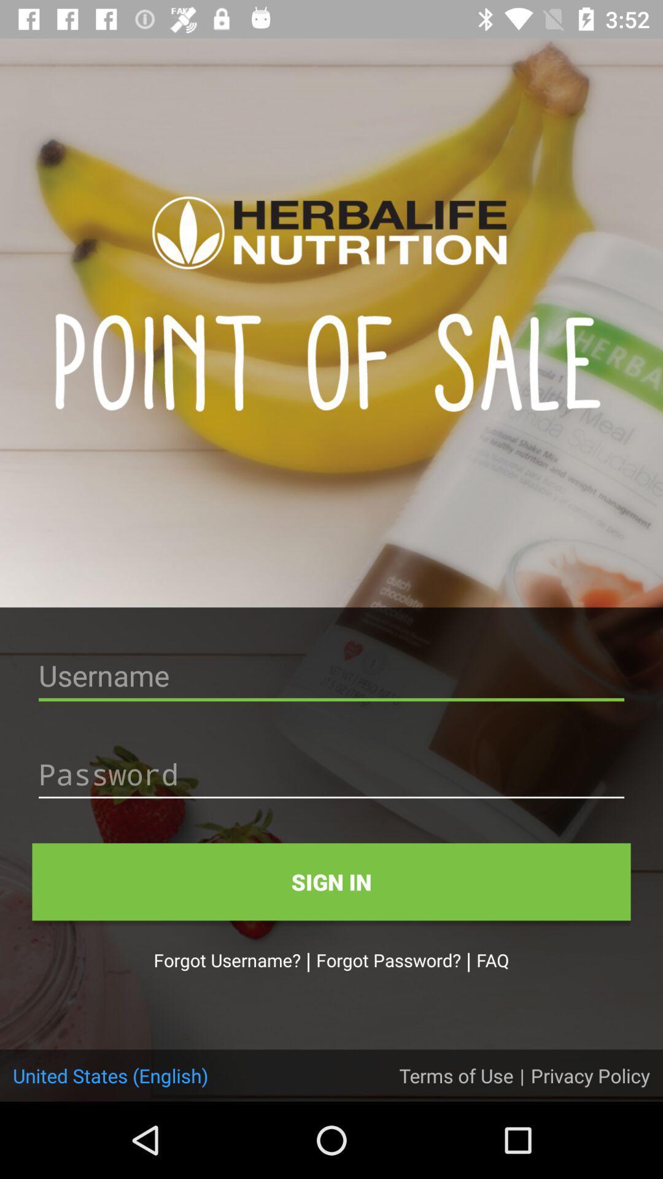 The image size is (663, 1179). I want to click on united states (english) item, so click(110, 1075).